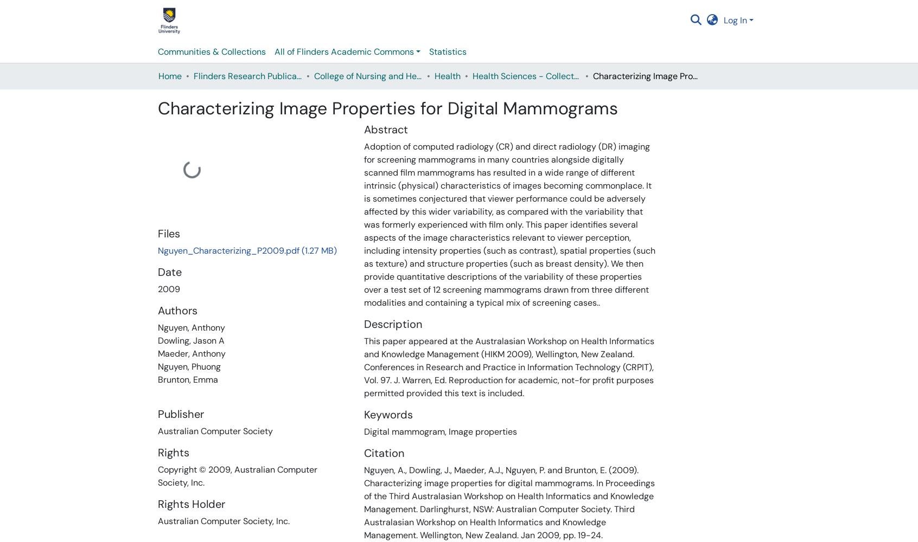  What do you see at coordinates (180, 414) in the screenshot?
I see `'Publisher'` at bounding box center [180, 414].